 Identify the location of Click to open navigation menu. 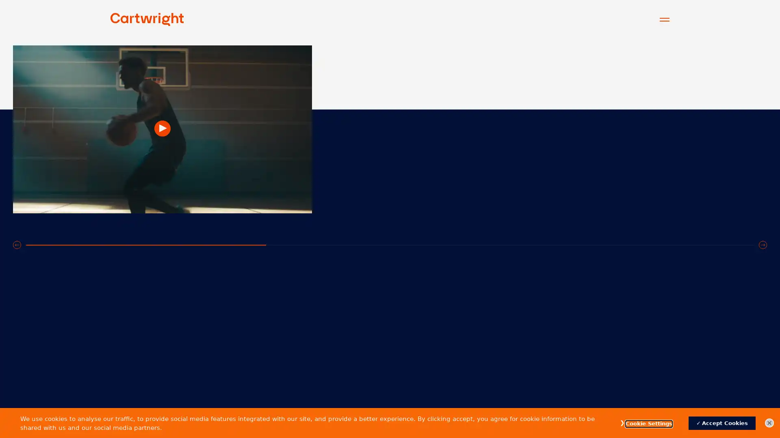
(665, 19).